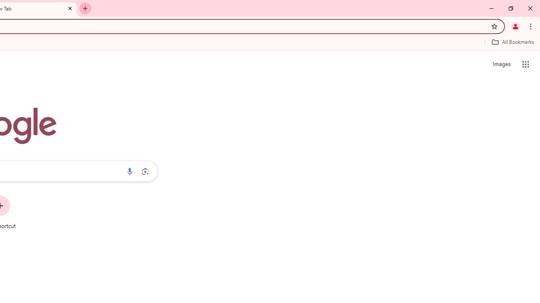 The width and height of the screenshot is (540, 303). I want to click on 'Minimize', so click(491, 8).